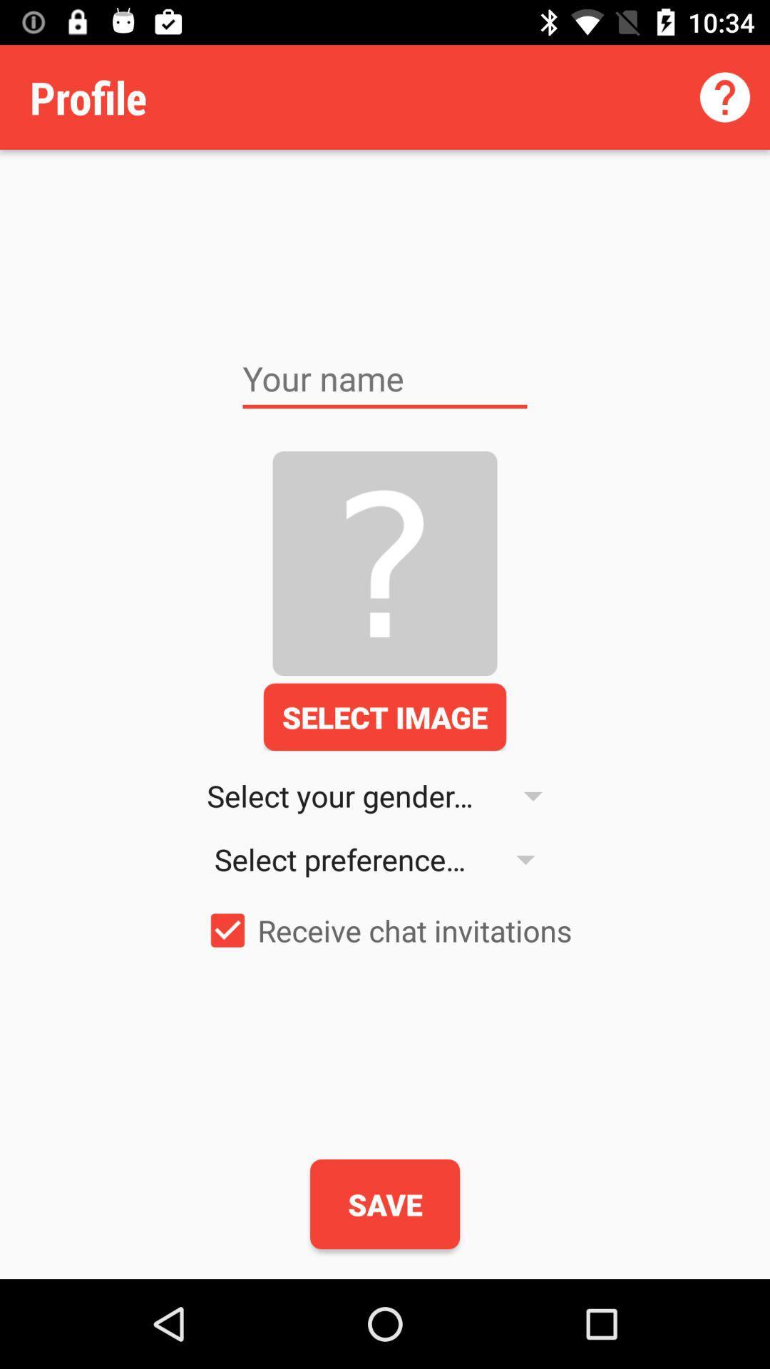 The image size is (770, 1369). I want to click on save item, so click(385, 1204).